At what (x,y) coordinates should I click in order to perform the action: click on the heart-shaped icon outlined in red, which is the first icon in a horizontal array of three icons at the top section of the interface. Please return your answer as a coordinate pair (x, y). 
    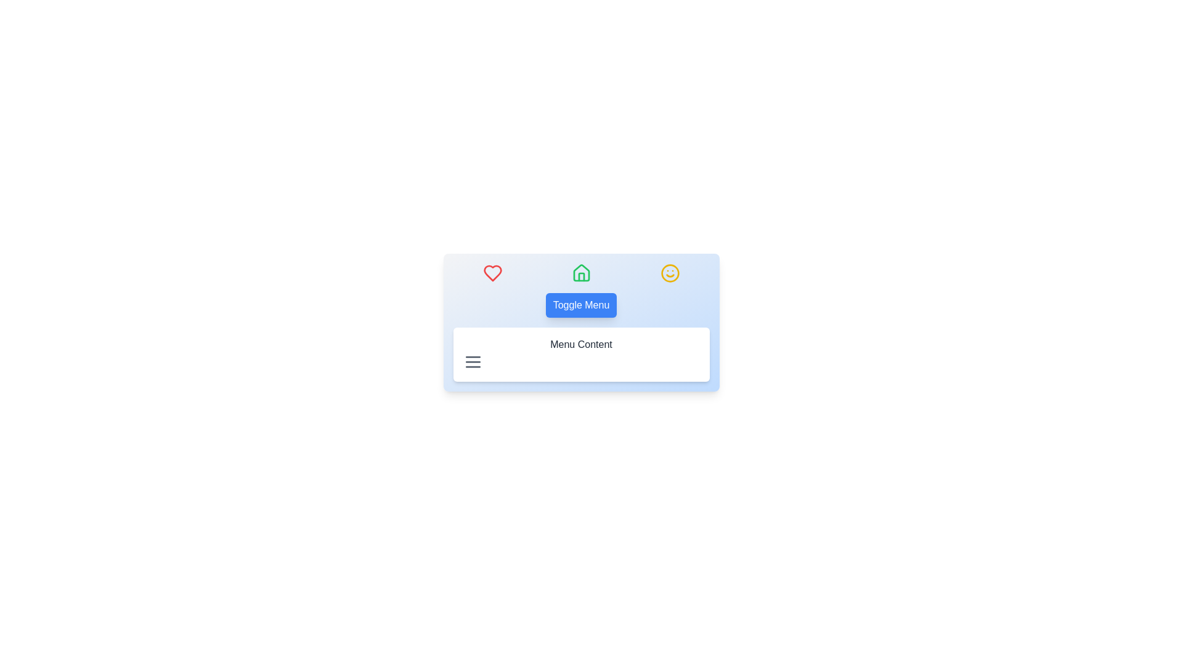
    Looking at the image, I should click on (492, 272).